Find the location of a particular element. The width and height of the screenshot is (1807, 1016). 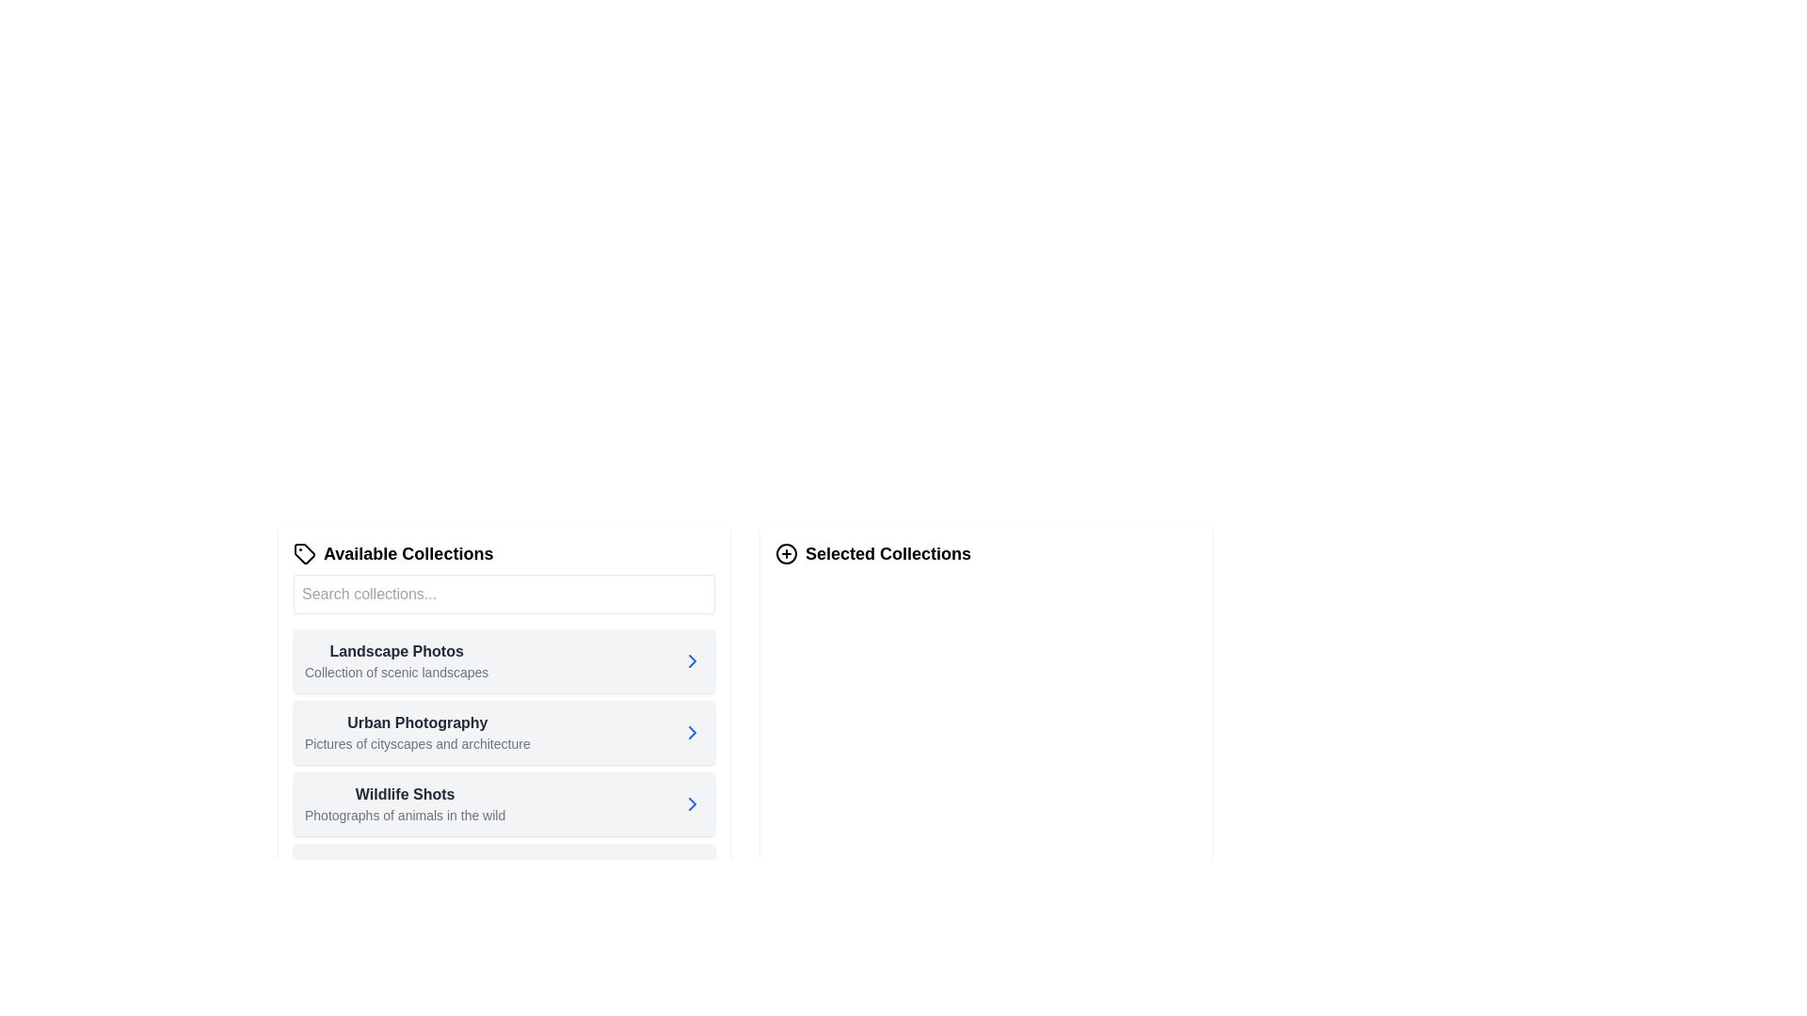

the right-pointing blue chevron icon located at the end of the last row labeled 'Wildlife Shots' is located at coordinates (691, 804).